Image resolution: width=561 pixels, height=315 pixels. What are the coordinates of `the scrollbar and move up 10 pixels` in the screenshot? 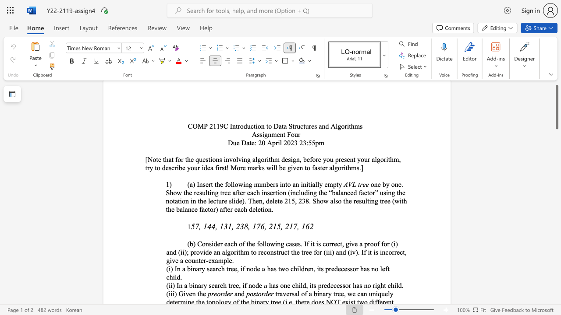 It's located at (556, 107).